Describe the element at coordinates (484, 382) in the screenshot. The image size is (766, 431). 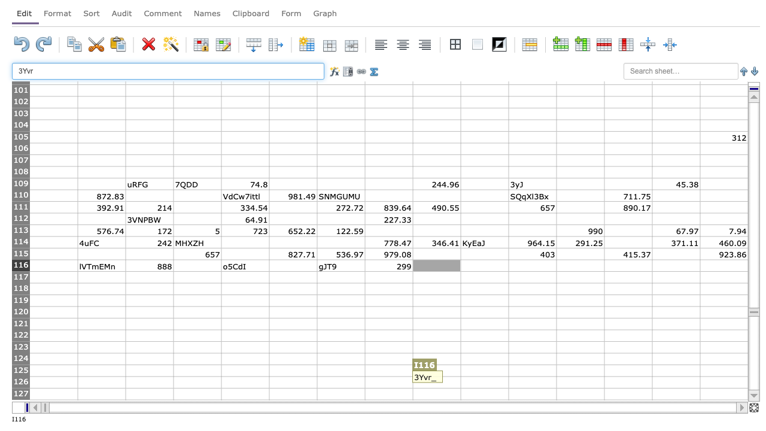
I see `J126` at that location.